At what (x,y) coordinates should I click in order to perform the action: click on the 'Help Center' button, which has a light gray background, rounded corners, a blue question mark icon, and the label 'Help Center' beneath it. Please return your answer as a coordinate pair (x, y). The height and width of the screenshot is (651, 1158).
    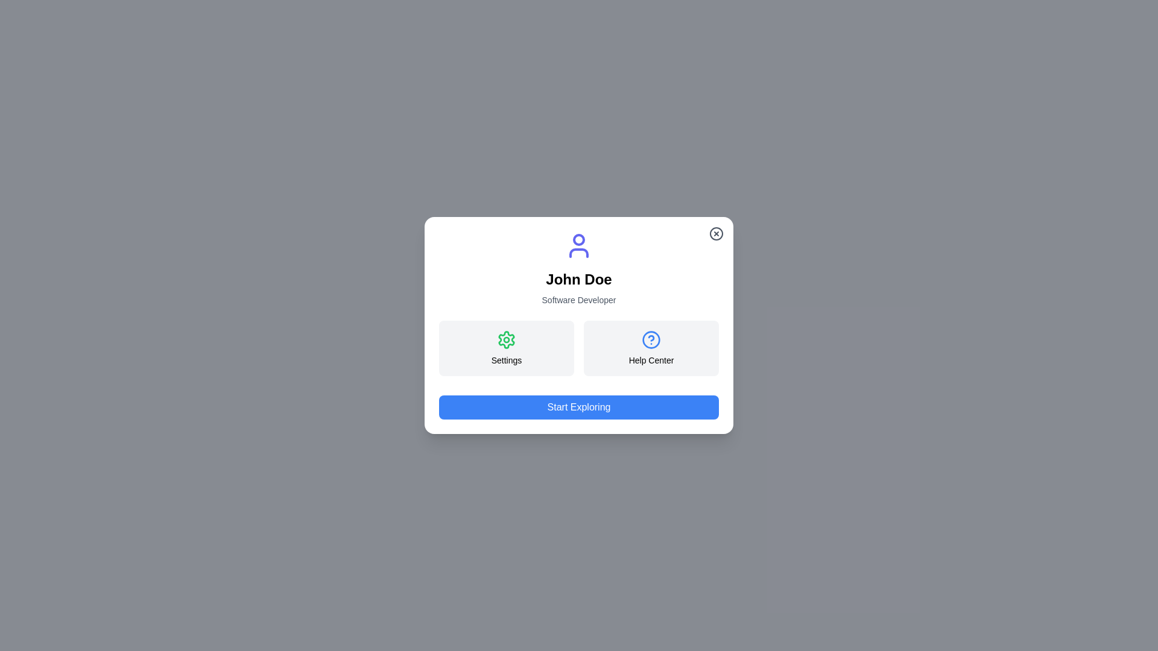
    Looking at the image, I should click on (651, 348).